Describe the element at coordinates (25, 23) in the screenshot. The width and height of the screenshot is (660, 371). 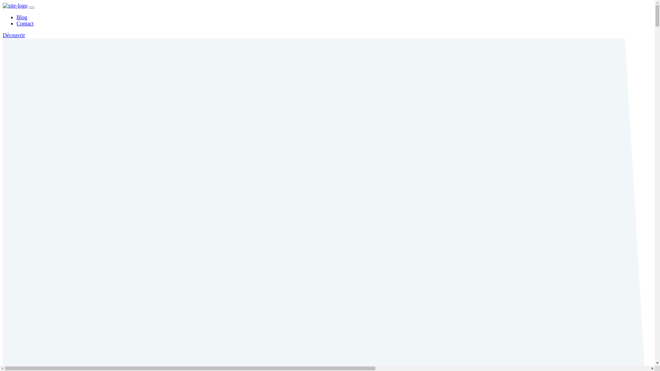
I see `'Contact'` at that location.